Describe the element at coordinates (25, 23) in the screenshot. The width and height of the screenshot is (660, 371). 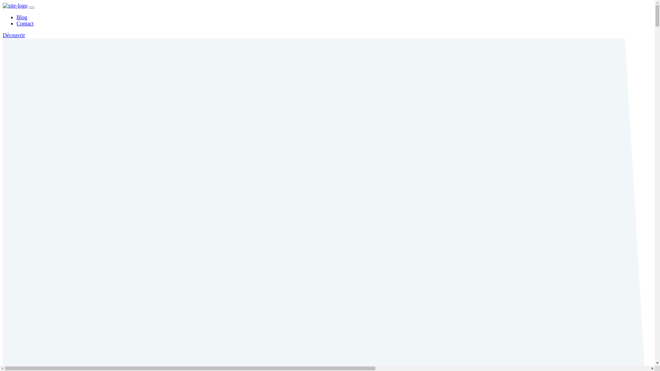
I see `'Contact'` at that location.